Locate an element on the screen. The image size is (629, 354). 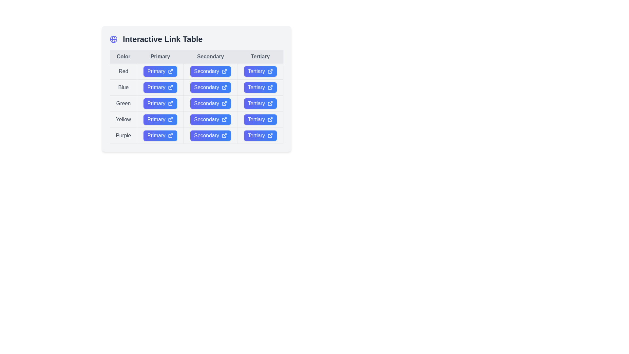
keyboard navigation is located at coordinates (260, 103).